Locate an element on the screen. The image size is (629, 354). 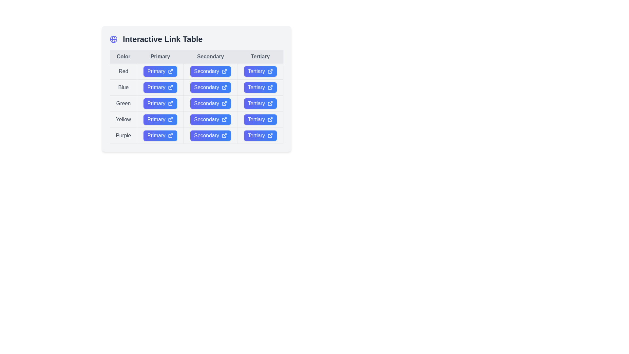
keyboard navigation is located at coordinates (260, 103).